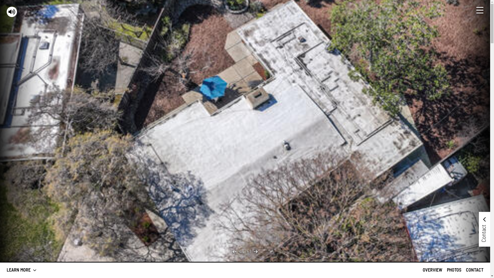  Describe the element at coordinates (454, 270) in the screenshot. I see `'PHOTOS'` at that location.